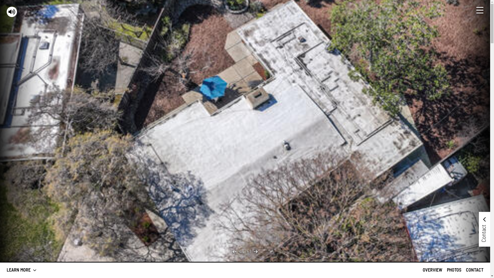  Describe the element at coordinates (454, 270) in the screenshot. I see `'PHOTOS'` at that location.